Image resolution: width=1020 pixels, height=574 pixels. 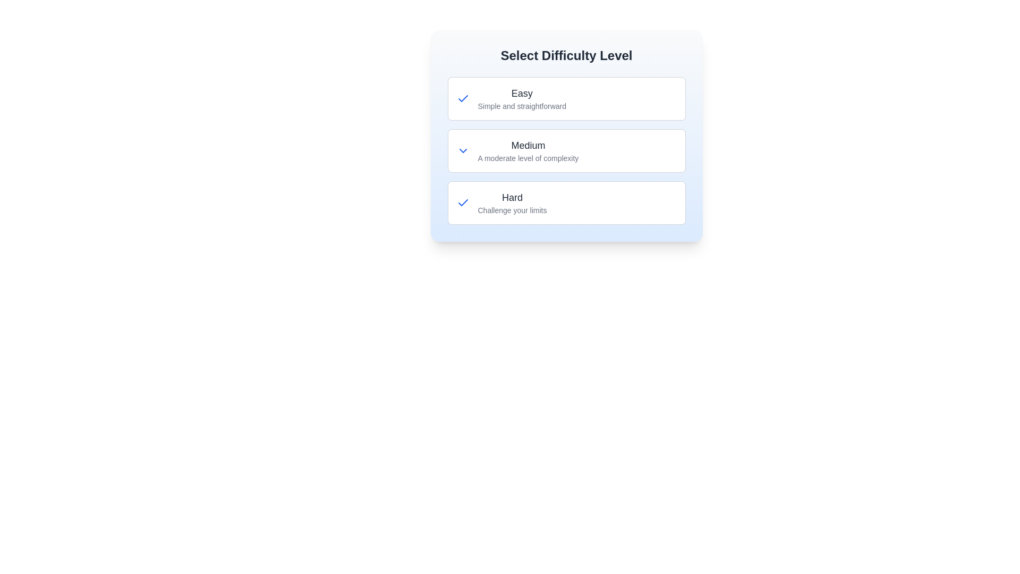 What do you see at coordinates (463, 151) in the screenshot?
I see `the icon that serves as a visual indicator for expanding or collapsing options related to the 'Medium' difficulty level, positioned to the left of the text 'Medium A moderate level of complexity'` at bounding box center [463, 151].